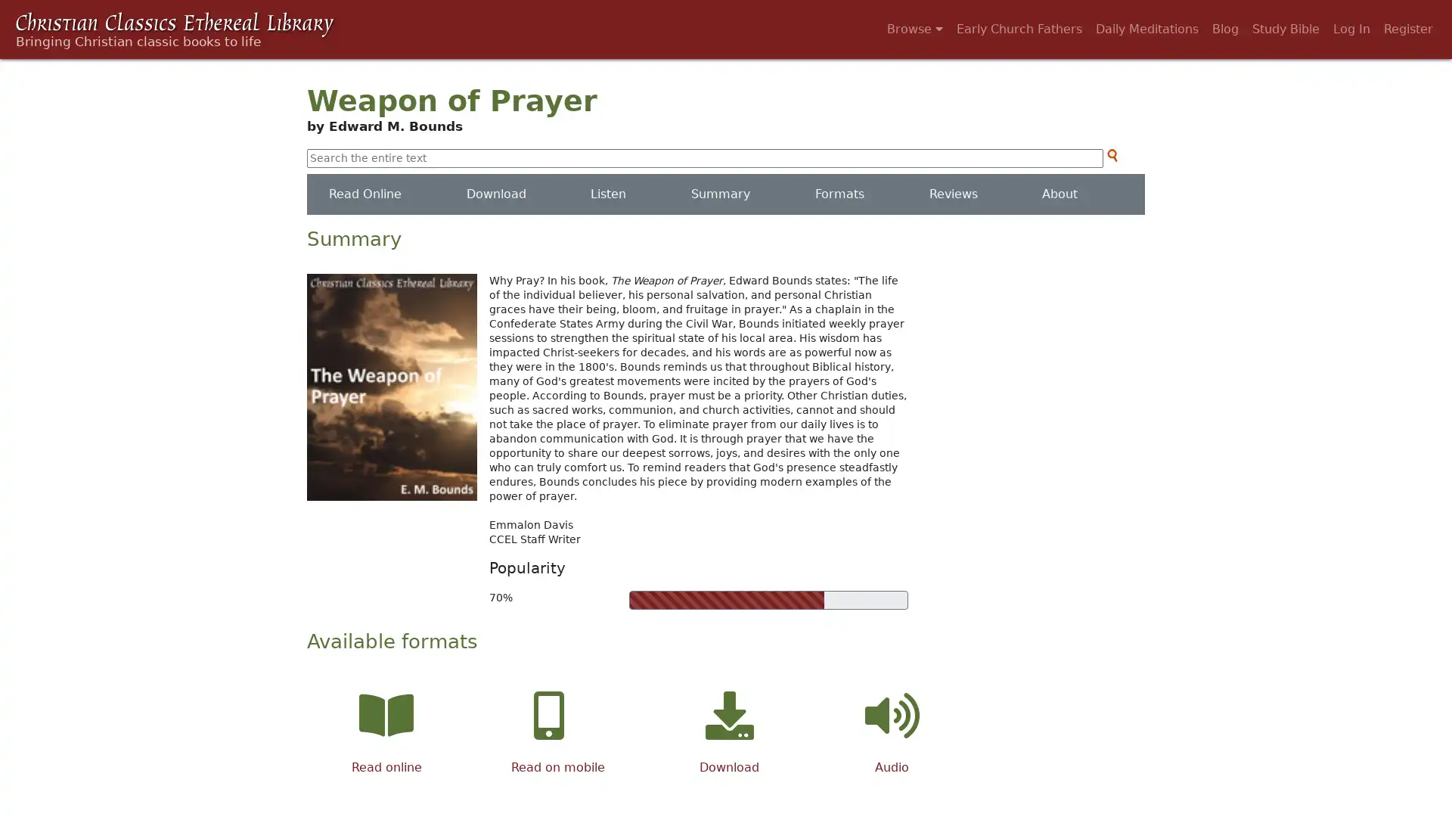  What do you see at coordinates (1111, 155) in the screenshot?
I see `Submit search` at bounding box center [1111, 155].